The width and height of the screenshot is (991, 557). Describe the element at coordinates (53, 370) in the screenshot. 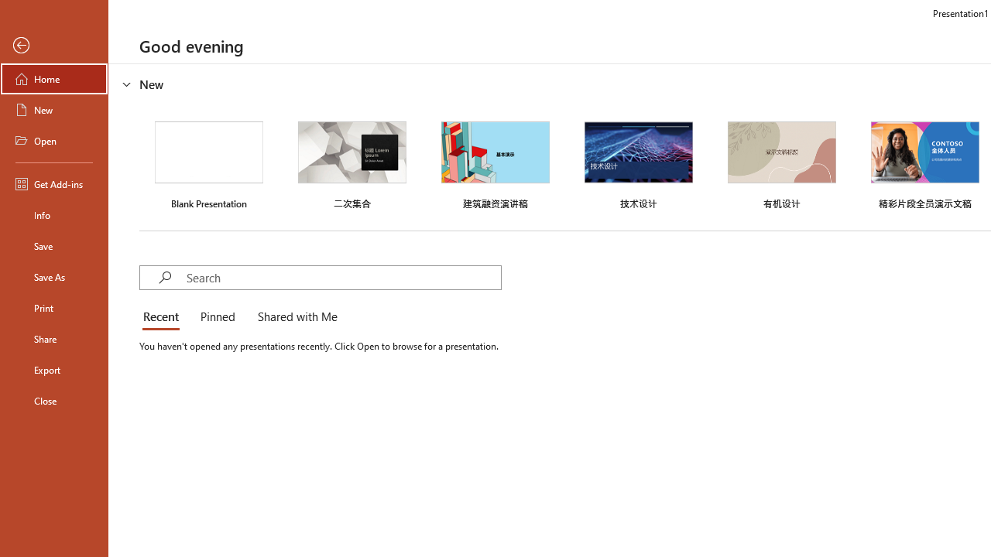

I see `'Export'` at that location.